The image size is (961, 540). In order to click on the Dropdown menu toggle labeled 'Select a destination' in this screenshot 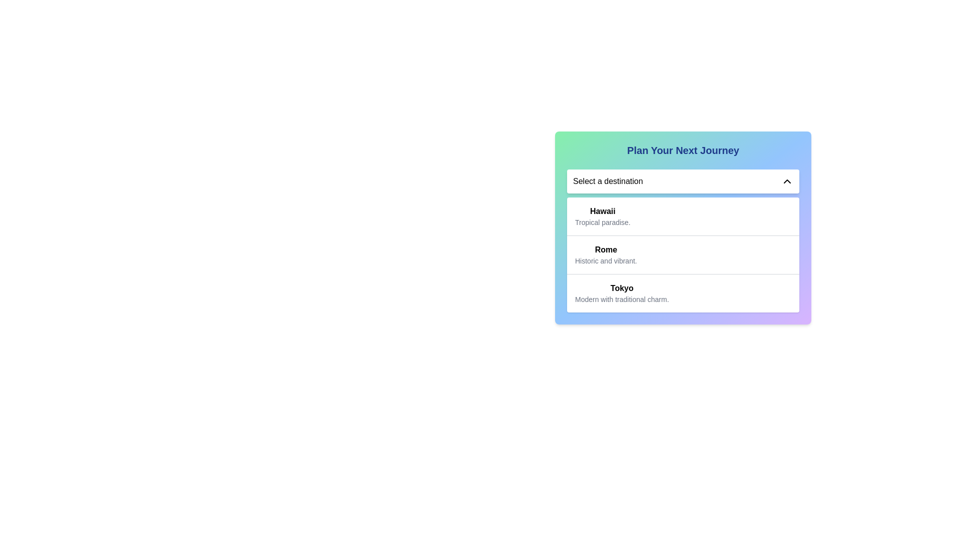, I will do `click(682, 181)`.